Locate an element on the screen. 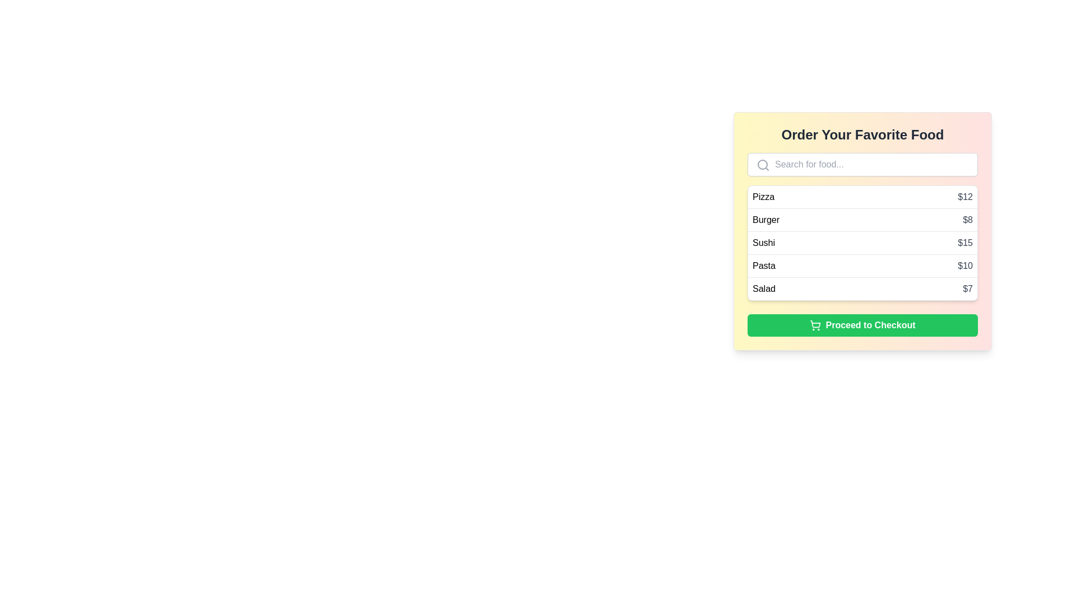 The height and width of the screenshot is (605, 1076). the shopping cart icon located to the left of the 'Proceed to Checkout' text is located at coordinates (815, 325).